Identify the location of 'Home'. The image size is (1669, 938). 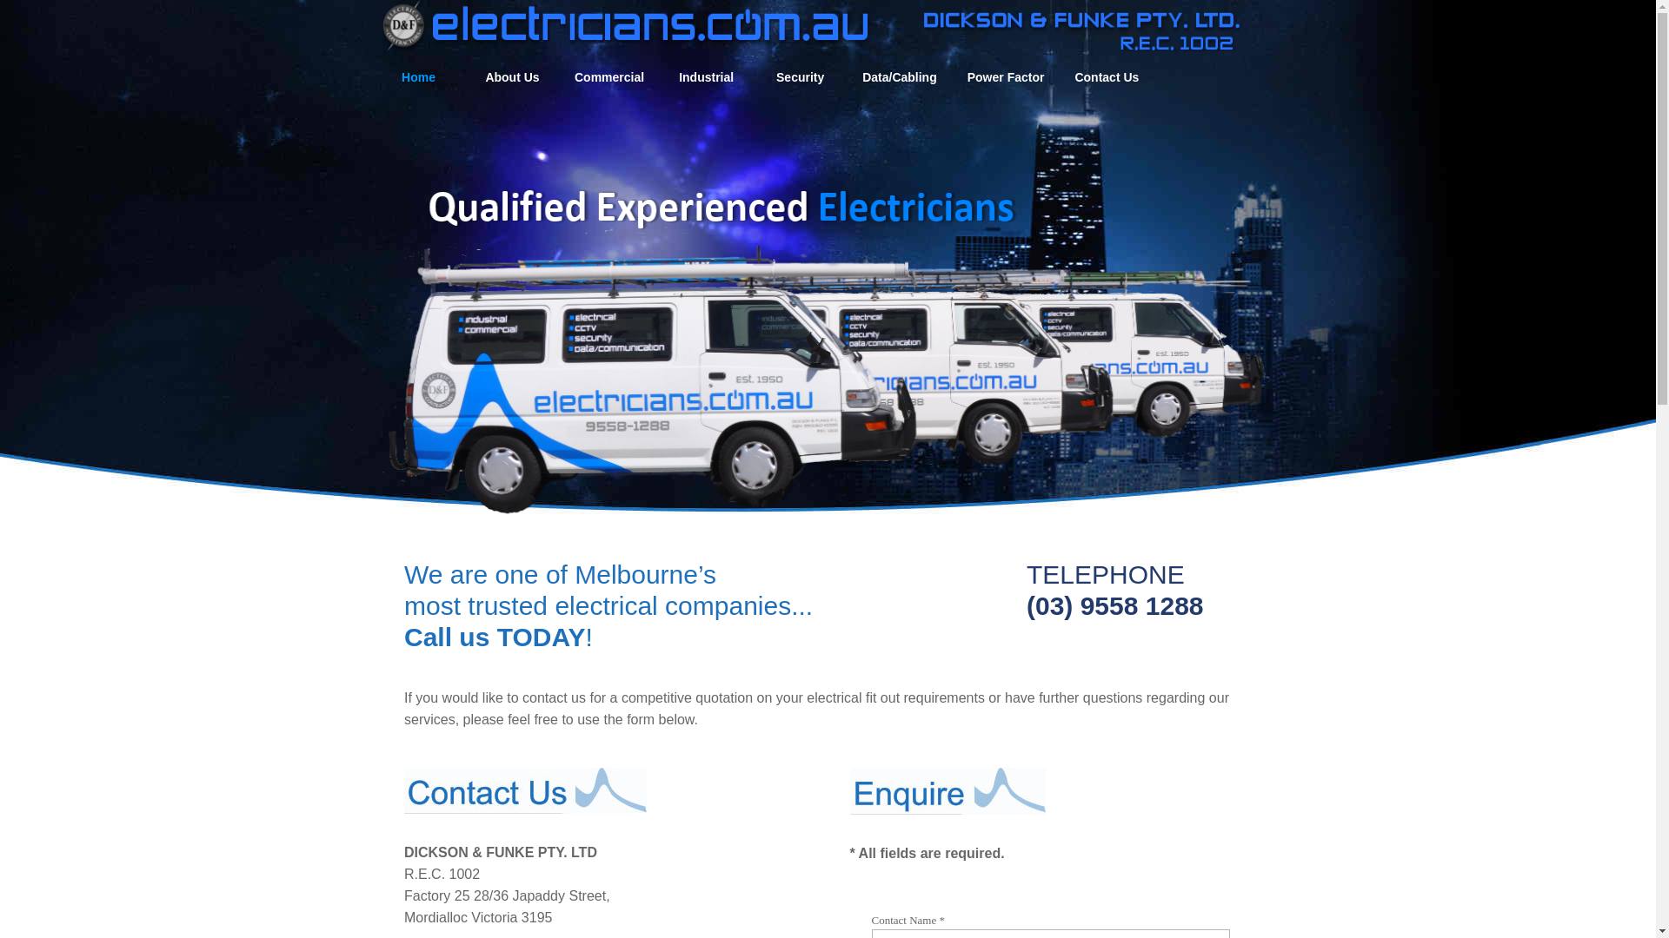
(418, 76).